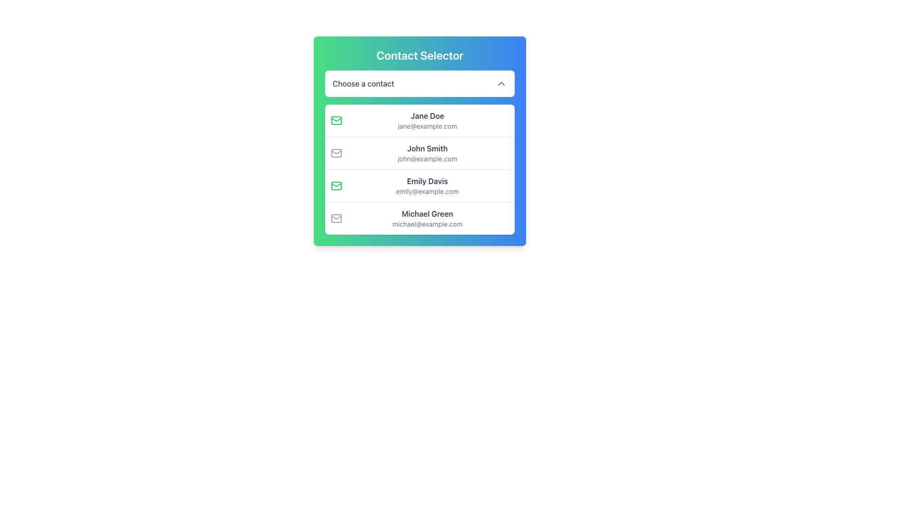 This screenshot has width=910, height=511. I want to click on the email contact icon representing John Smith, so click(337, 153).